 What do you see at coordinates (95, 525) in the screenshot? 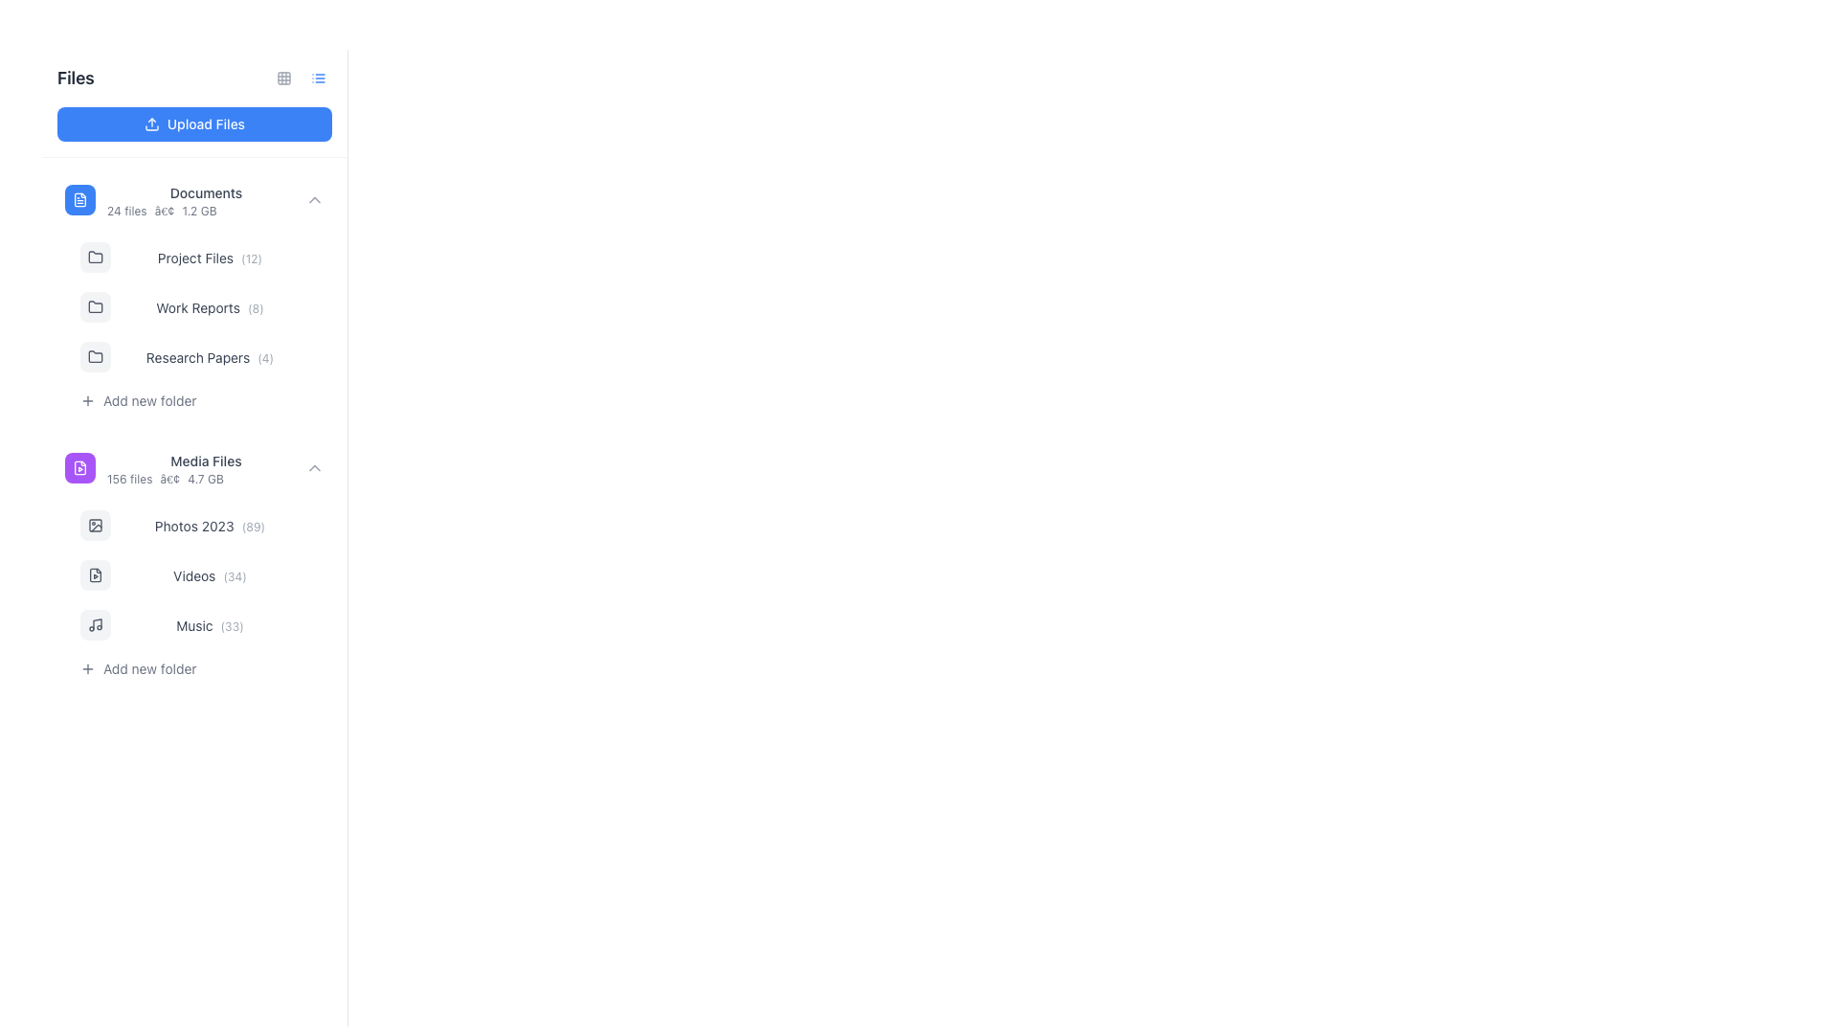
I see `the icon representing the 'Photos 2023' folder` at bounding box center [95, 525].